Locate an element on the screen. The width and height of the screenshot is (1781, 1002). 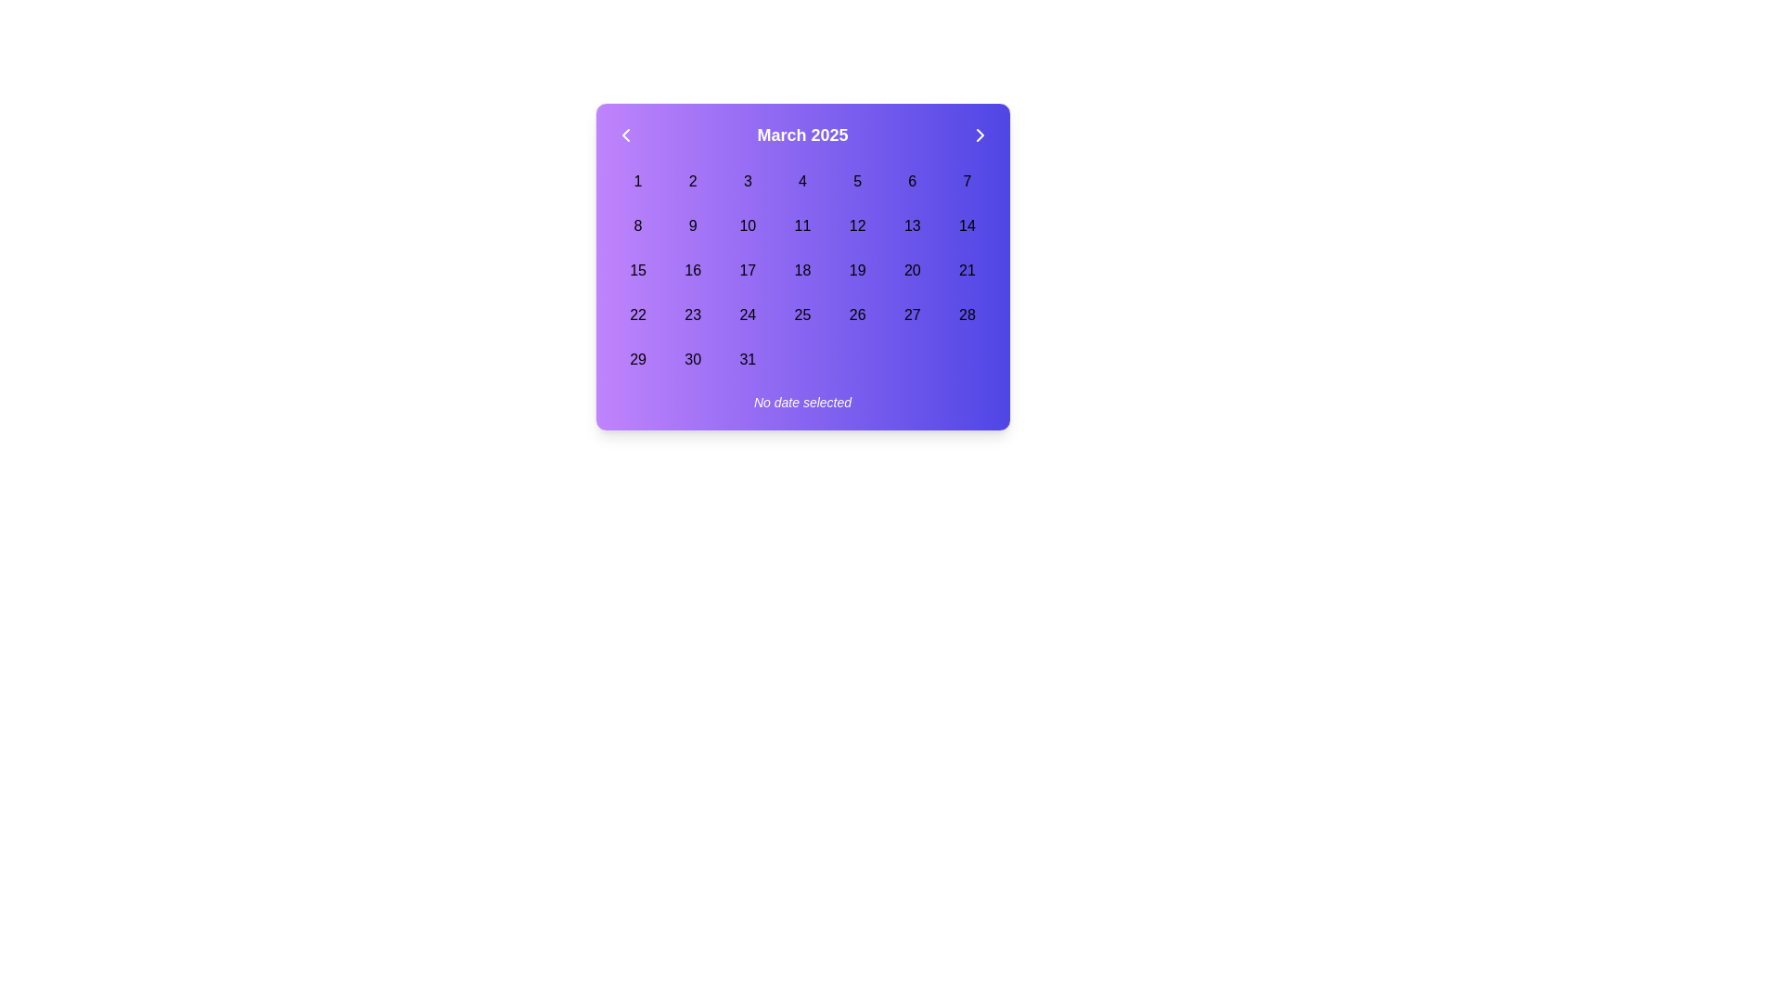
the clickable grid item displaying the number '5' in bold black text, which is the fifth item in the first row of the calendar grid for March 2025 is located at coordinates (856, 182).